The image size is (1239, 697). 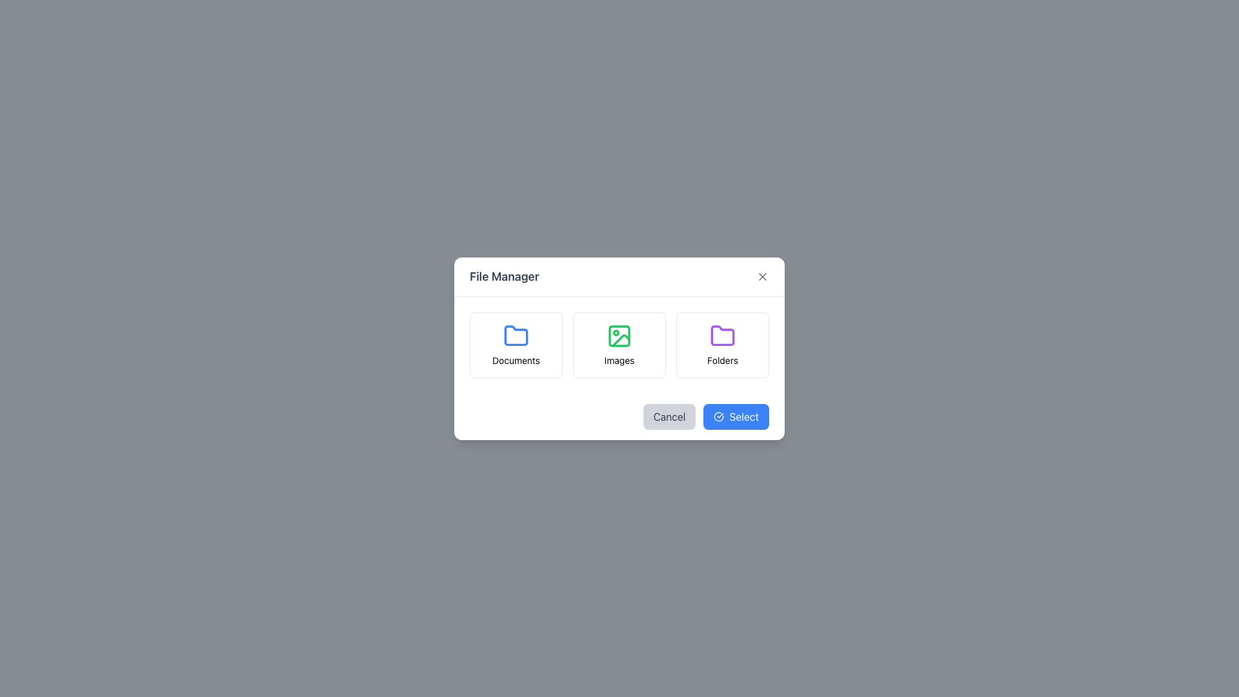 I want to click on the selectable card button in the File Manager, so click(x=619, y=343).